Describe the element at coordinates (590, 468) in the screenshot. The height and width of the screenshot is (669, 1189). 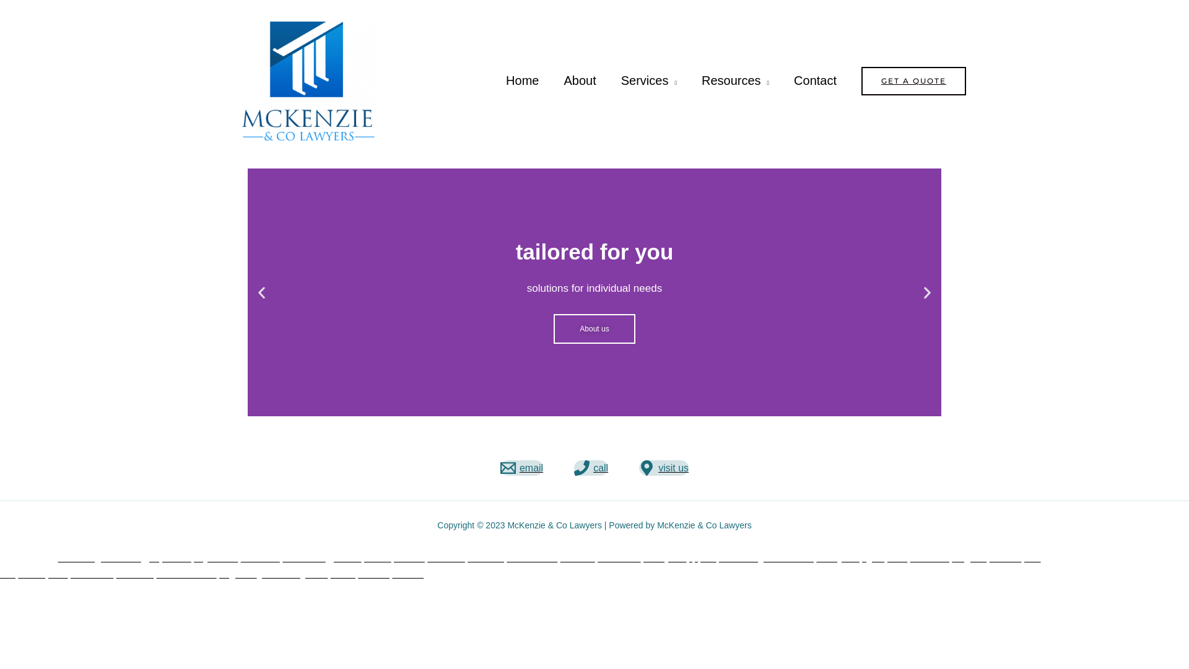
I see `'call'` at that location.